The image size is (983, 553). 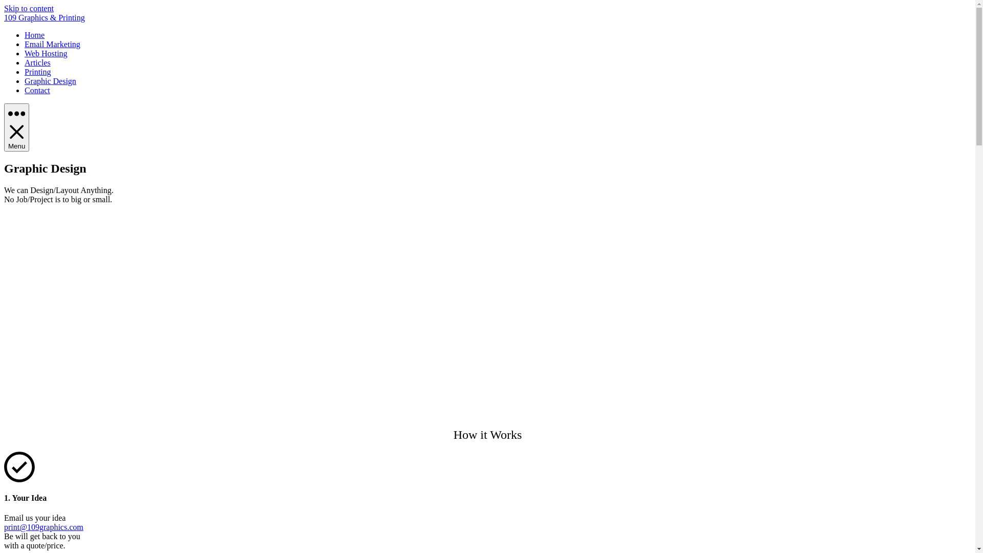 What do you see at coordinates (43, 527) in the screenshot?
I see `'print@109graphics.com'` at bounding box center [43, 527].